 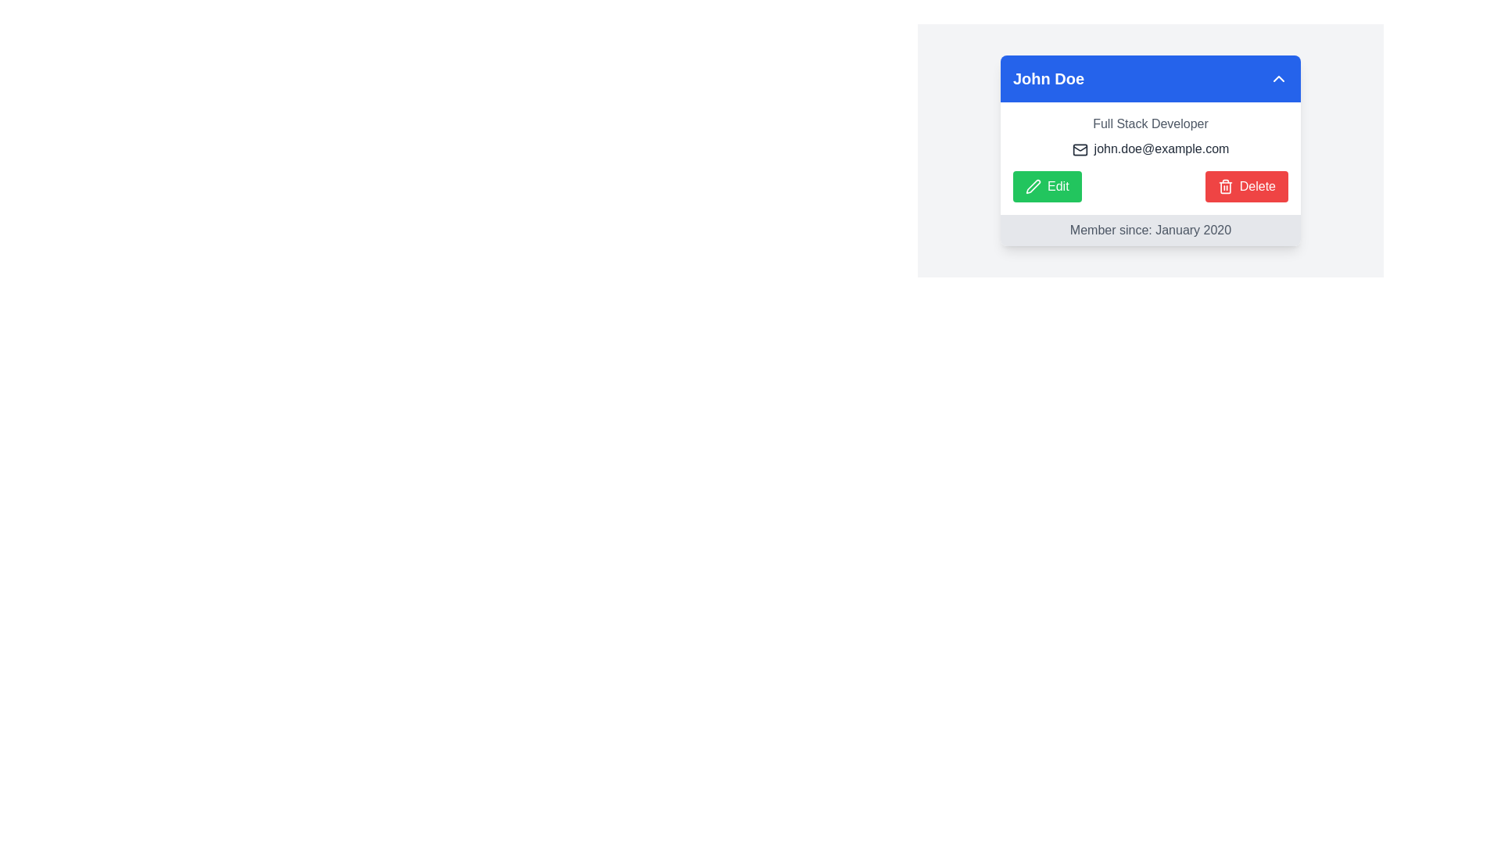 What do you see at coordinates (1079, 149) in the screenshot?
I see `the uppermost rectangular background of the envelope icon located next to the email text link in the user profile card` at bounding box center [1079, 149].